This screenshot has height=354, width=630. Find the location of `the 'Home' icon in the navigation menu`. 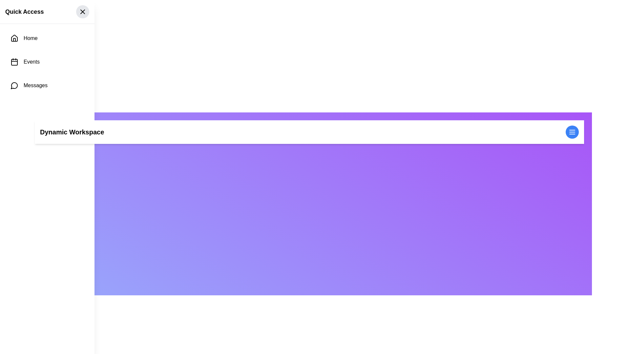

the 'Home' icon in the navigation menu is located at coordinates (14, 38).